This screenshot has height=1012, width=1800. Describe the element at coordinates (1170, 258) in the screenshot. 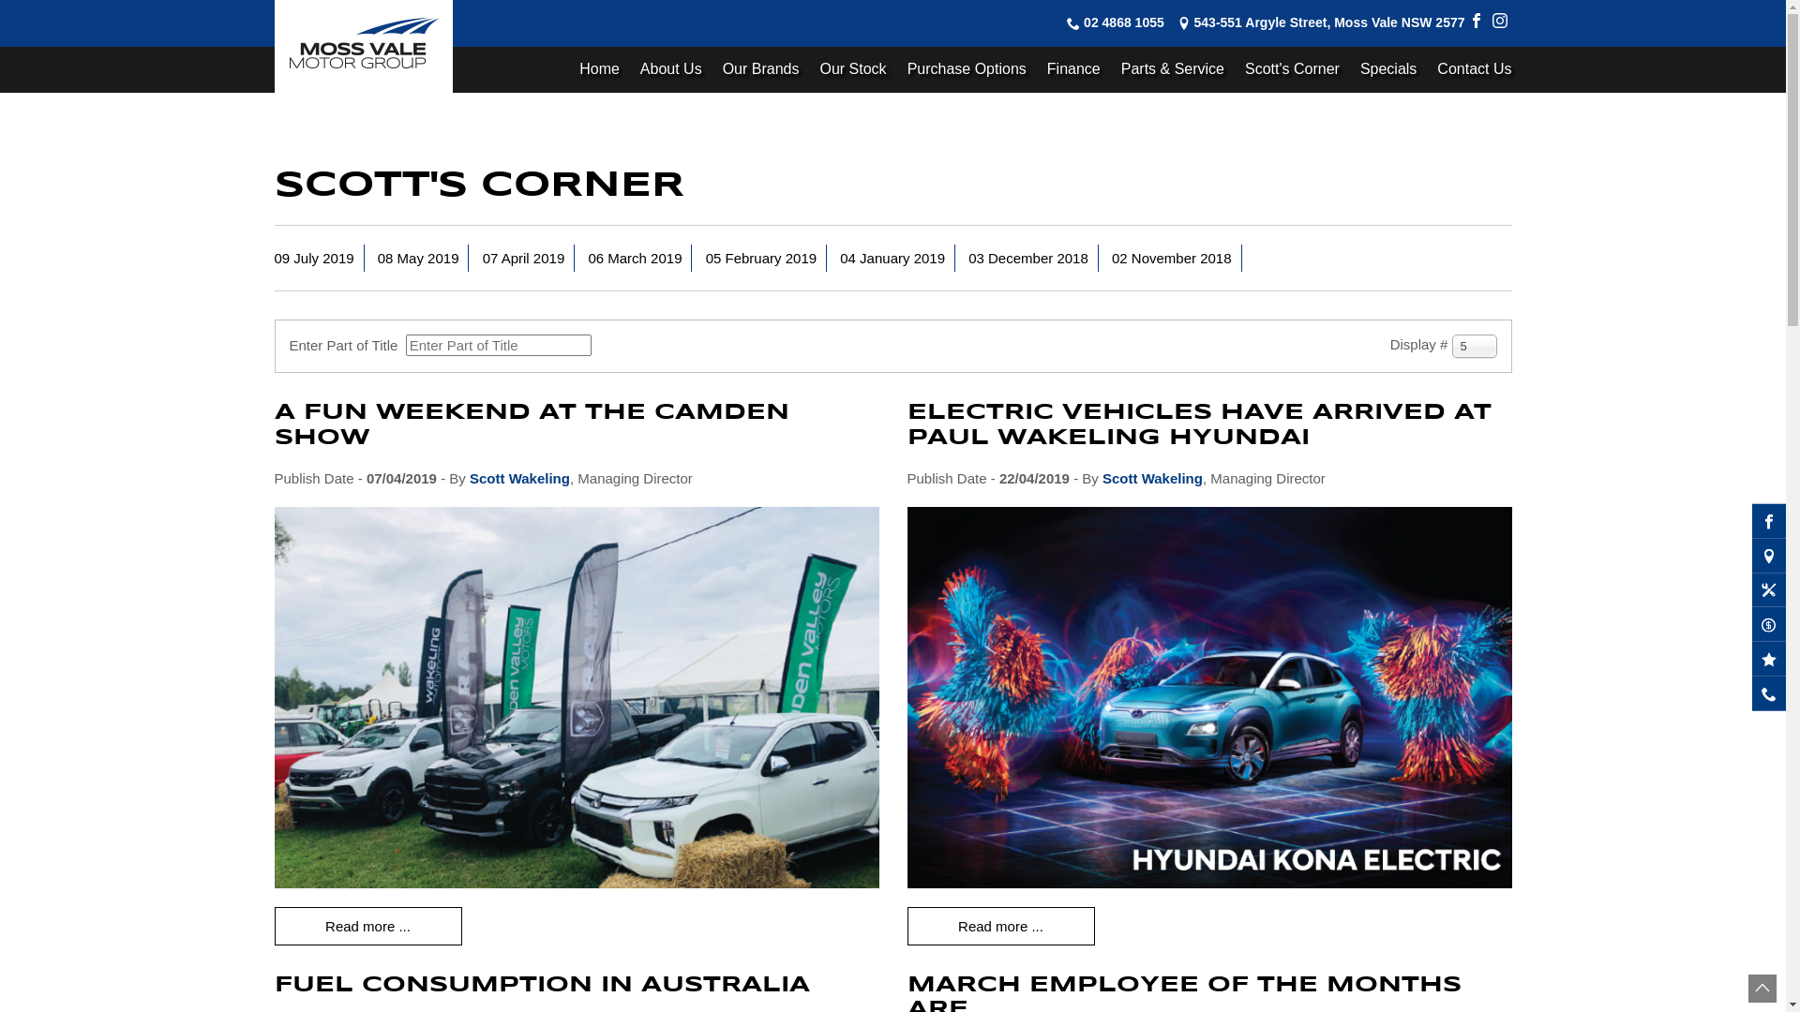

I see `'02 November 2018'` at that location.